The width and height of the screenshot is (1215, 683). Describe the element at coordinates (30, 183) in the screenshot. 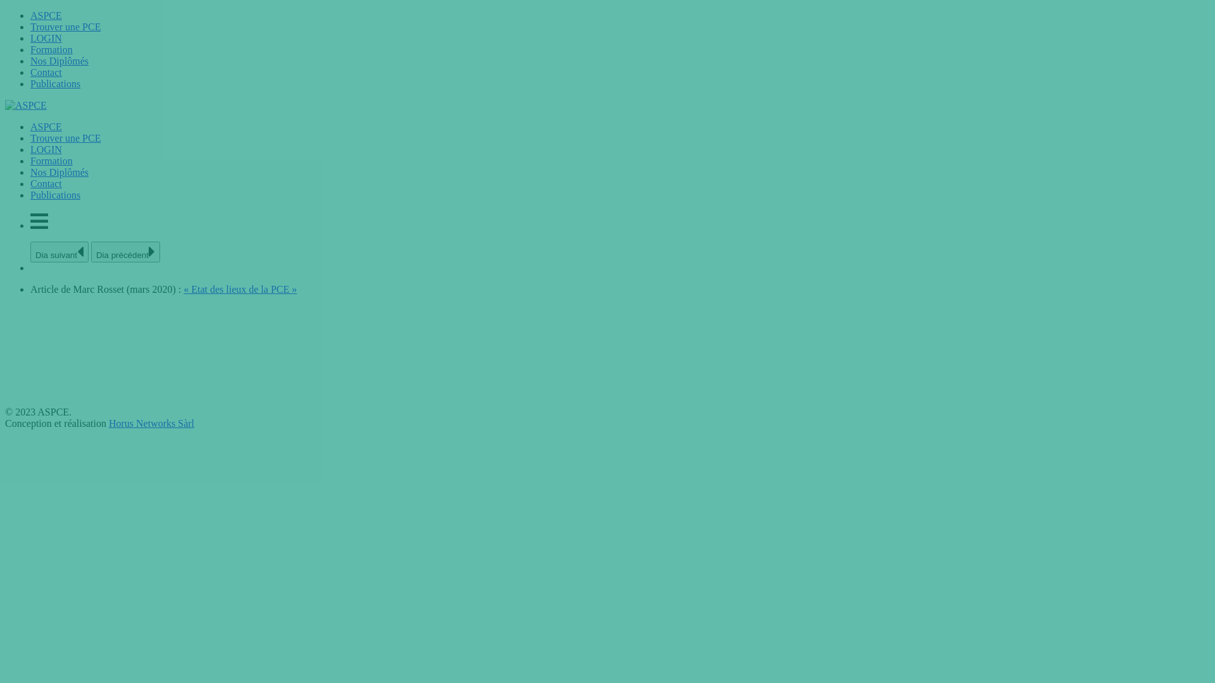

I see `'Contact'` at that location.